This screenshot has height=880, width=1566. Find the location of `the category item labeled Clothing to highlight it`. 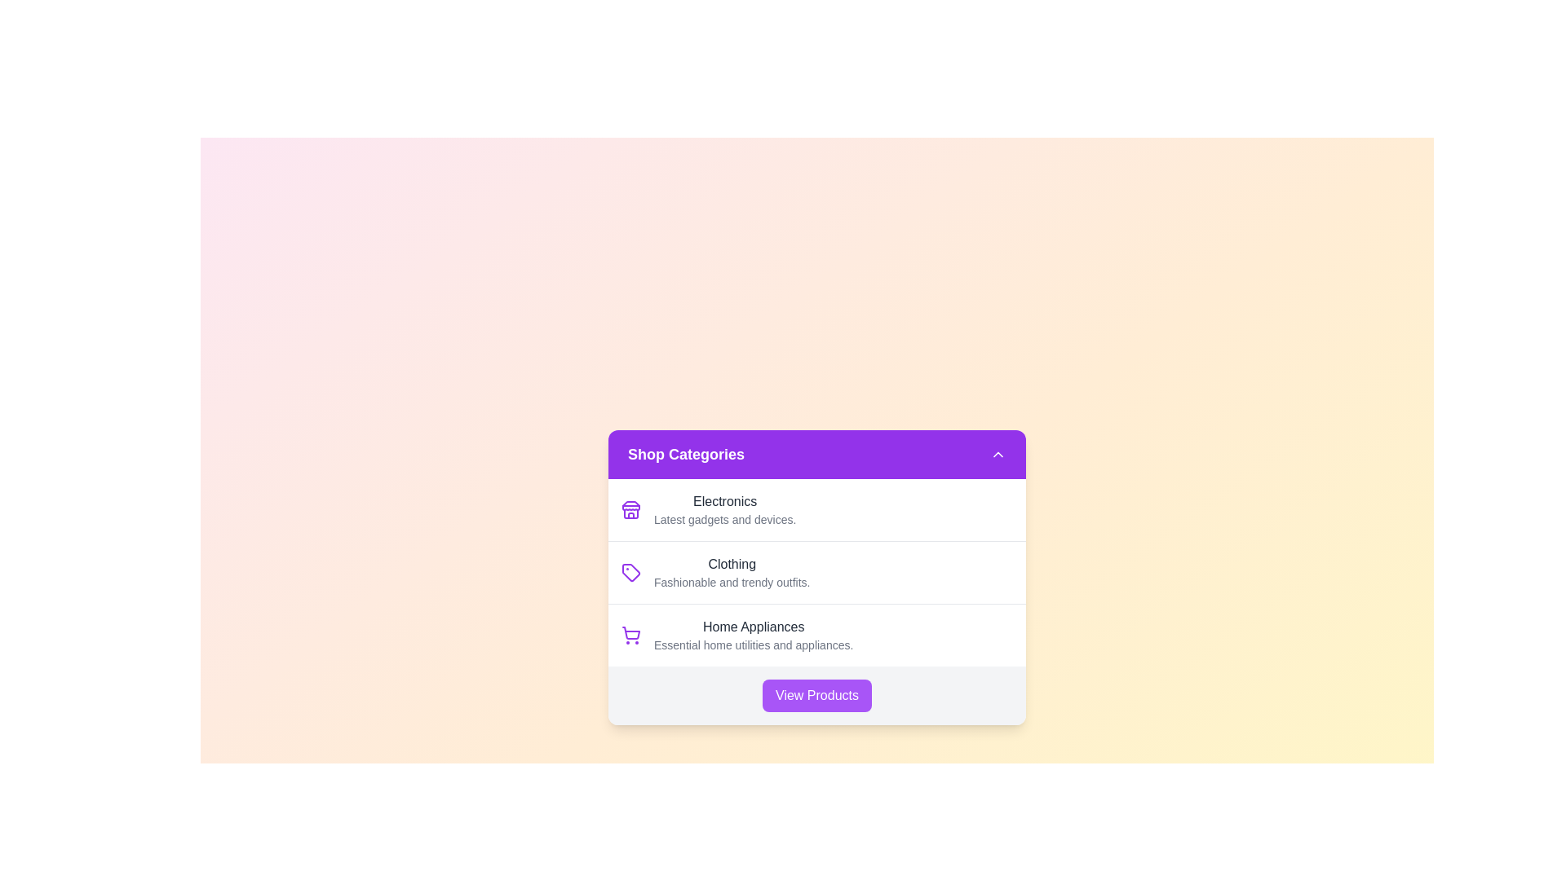

the category item labeled Clothing to highlight it is located at coordinates (817, 571).